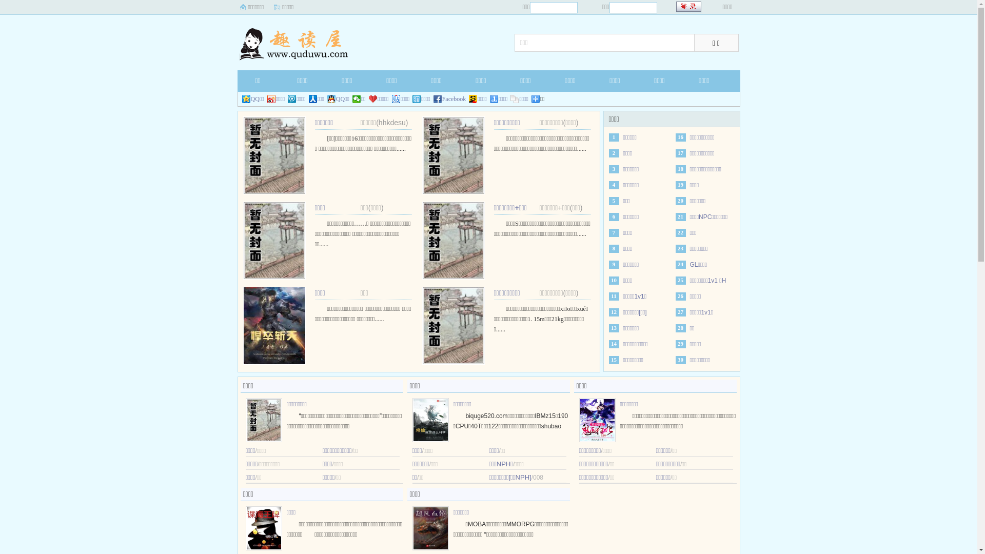 This screenshot has height=554, width=985. What do you see at coordinates (450, 98) in the screenshot?
I see `'Facebook'` at bounding box center [450, 98].